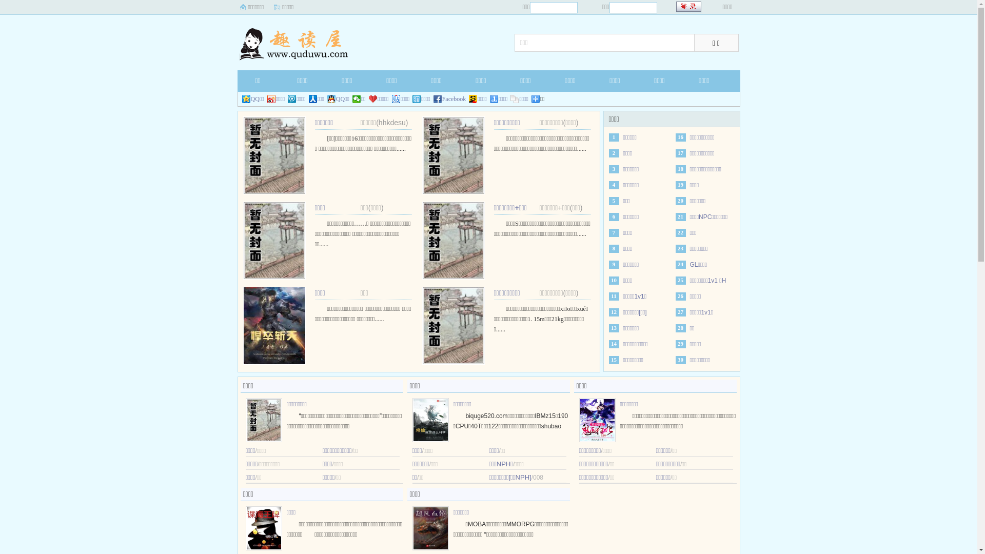 This screenshot has height=554, width=985. What do you see at coordinates (450, 98) in the screenshot?
I see `'Facebook'` at bounding box center [450, 98].